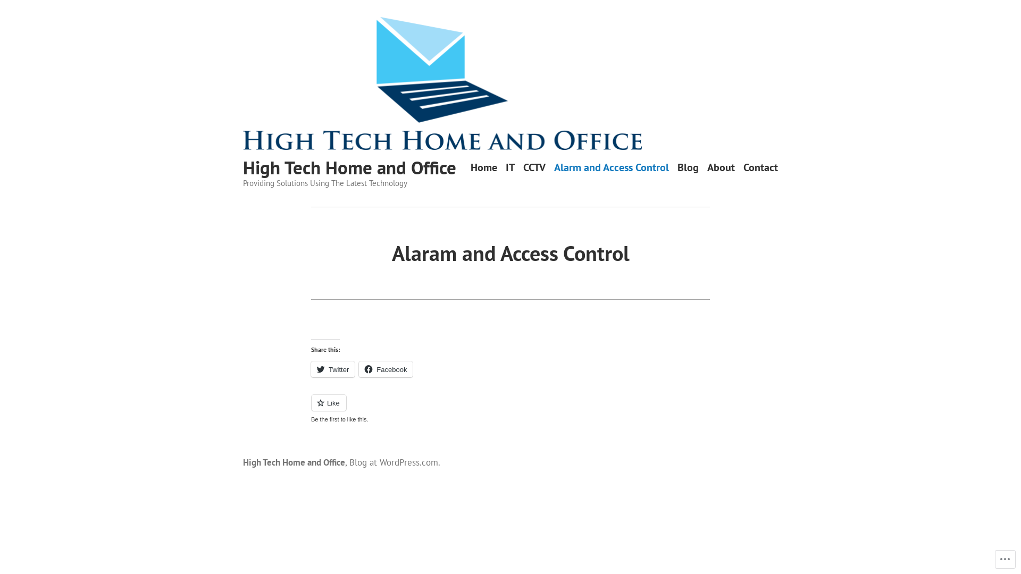  Describe the element at coordinates (394, 461) in the screenshot. I see `'Blog at WordPress.com.'` at that location.